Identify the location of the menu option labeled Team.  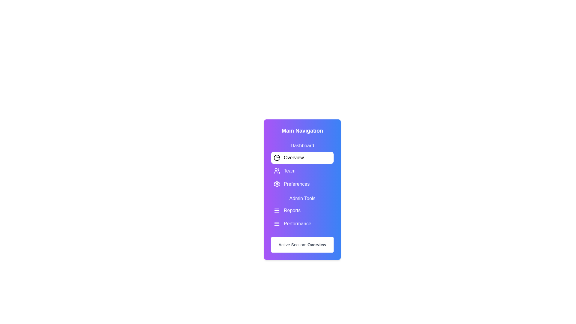
(302, 171).